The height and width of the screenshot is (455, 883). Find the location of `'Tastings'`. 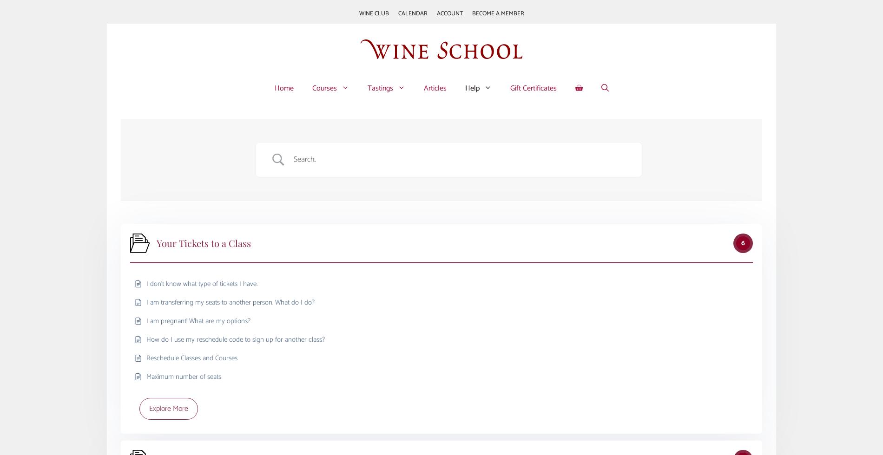

'Tastings' is located at coordinates (379, 88).